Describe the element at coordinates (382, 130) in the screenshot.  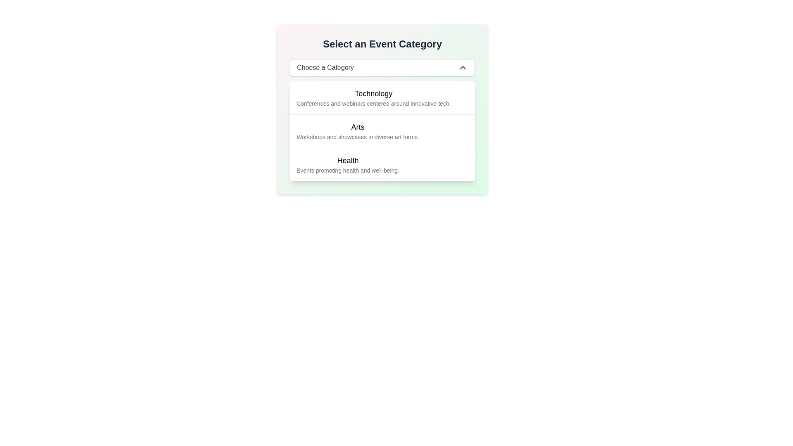
I see `to select the 'Arts' category from the second option in the dropdown list of selectable items` at that location.